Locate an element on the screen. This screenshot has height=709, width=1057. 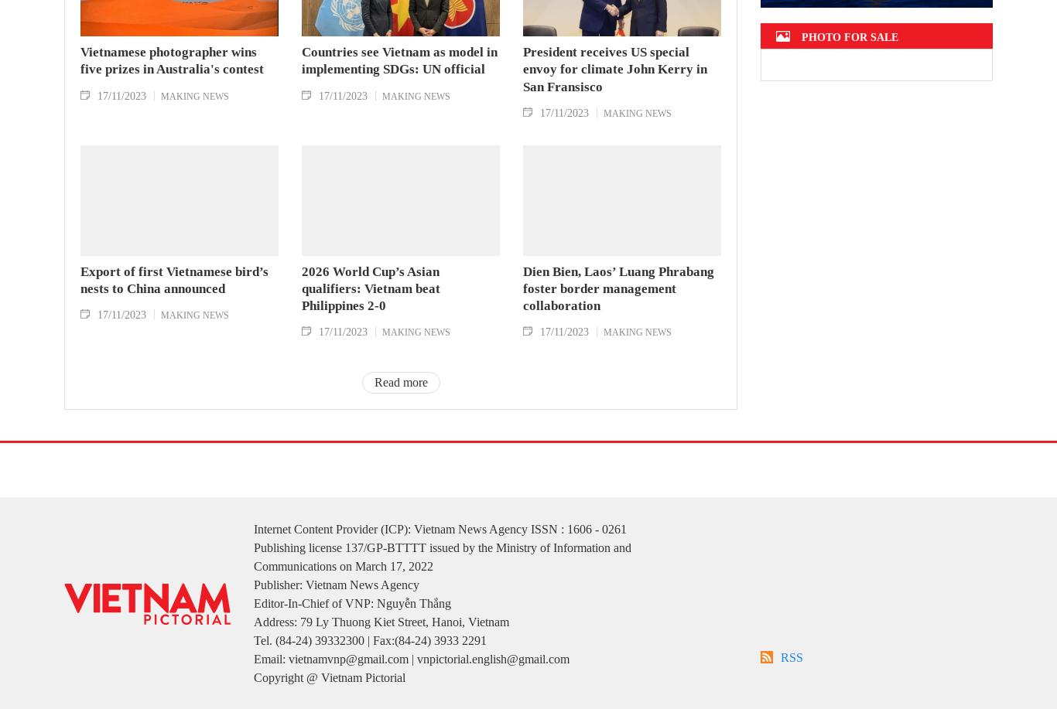
'RSS' is located at coordinates (792, 679).